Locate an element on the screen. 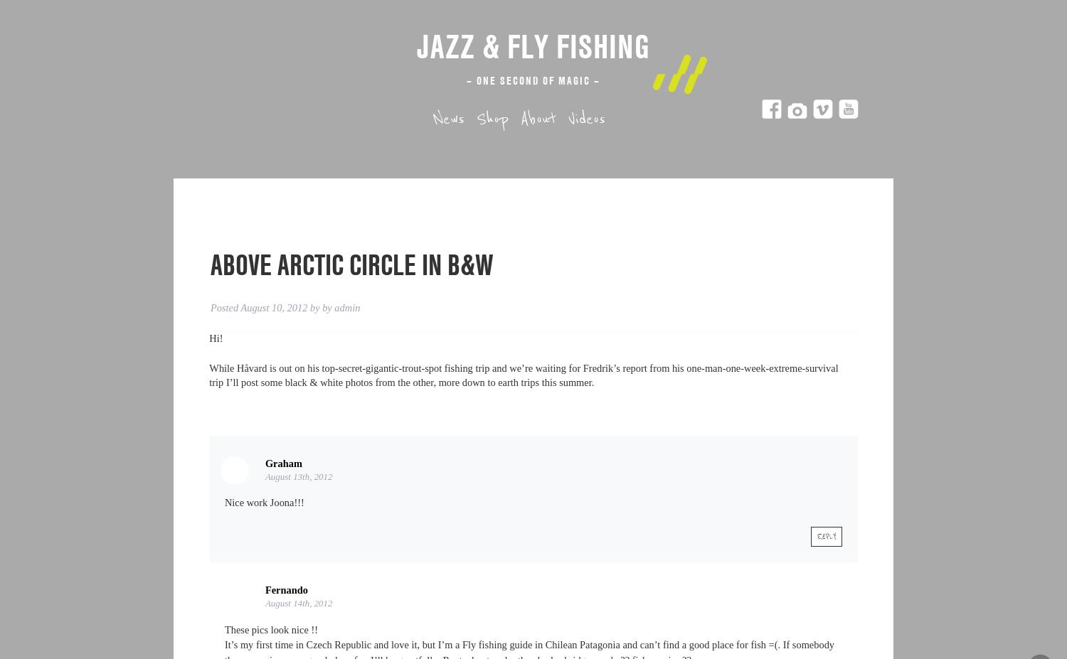 This screenshot has width=1067, height=659. 'Shop' is located at coordinates (476, 119).